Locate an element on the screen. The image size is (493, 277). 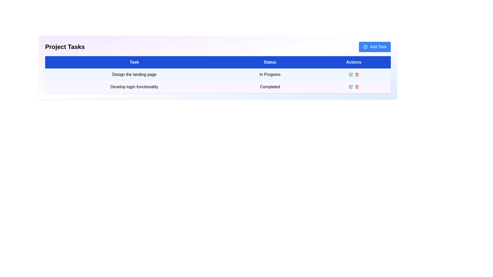
the green pencil icon in the action button group associated with the task 'Design the landing page' is located at coordinates (353, 74).